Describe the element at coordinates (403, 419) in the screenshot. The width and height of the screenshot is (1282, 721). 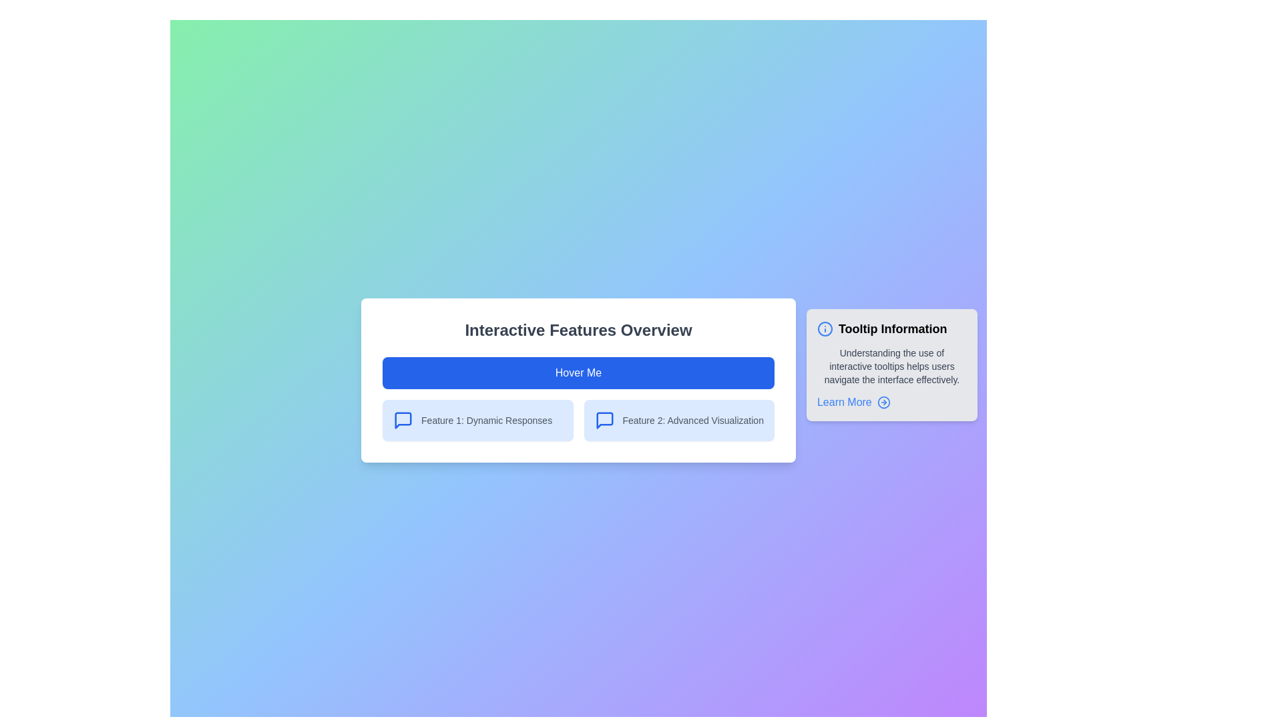
I see `the speech bubble icon located on the right section of the feature row, which is the second icon from the left` at that location.